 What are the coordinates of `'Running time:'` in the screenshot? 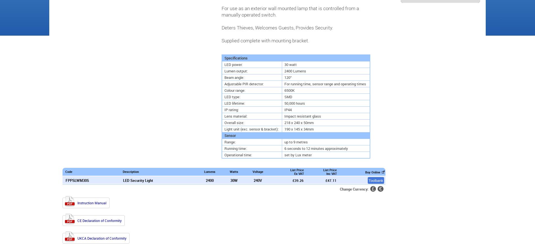 It's located at (224, 148).